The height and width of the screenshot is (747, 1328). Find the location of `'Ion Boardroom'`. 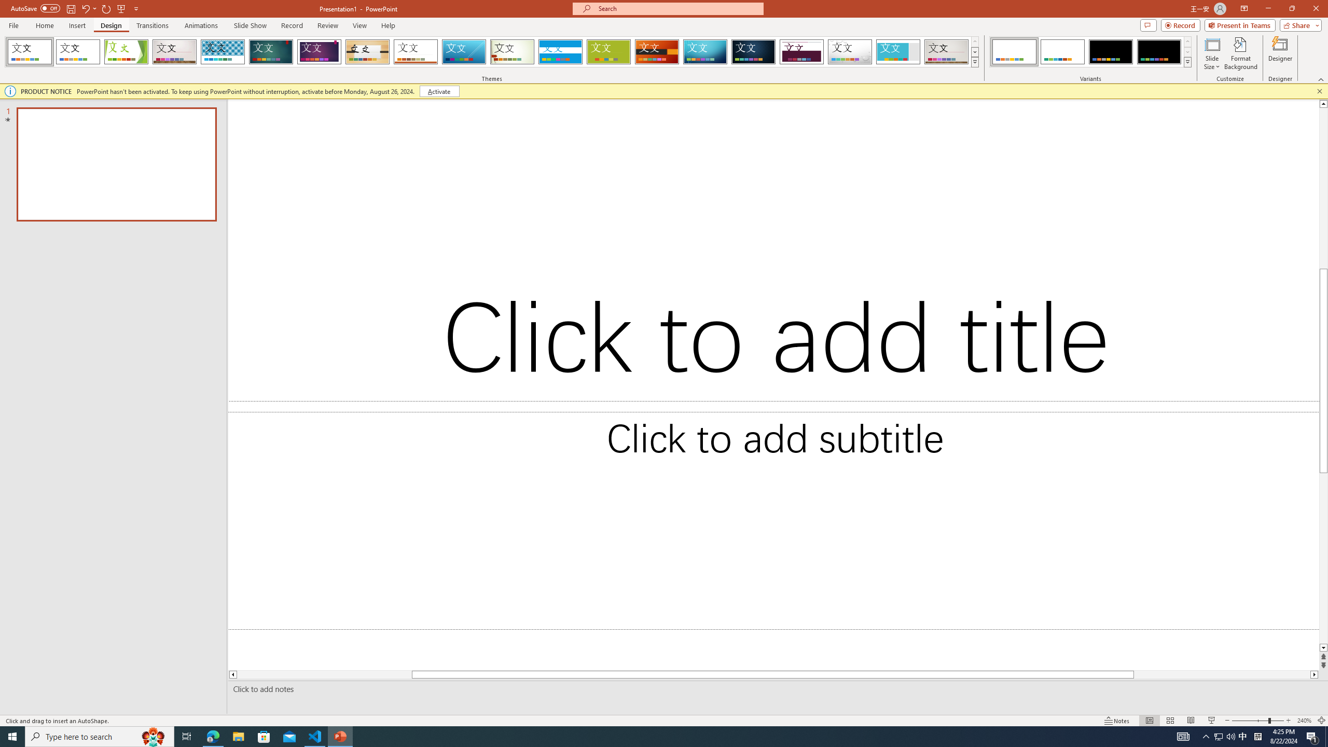

'Ion Boardroom' is located at coordinates (319, 51).